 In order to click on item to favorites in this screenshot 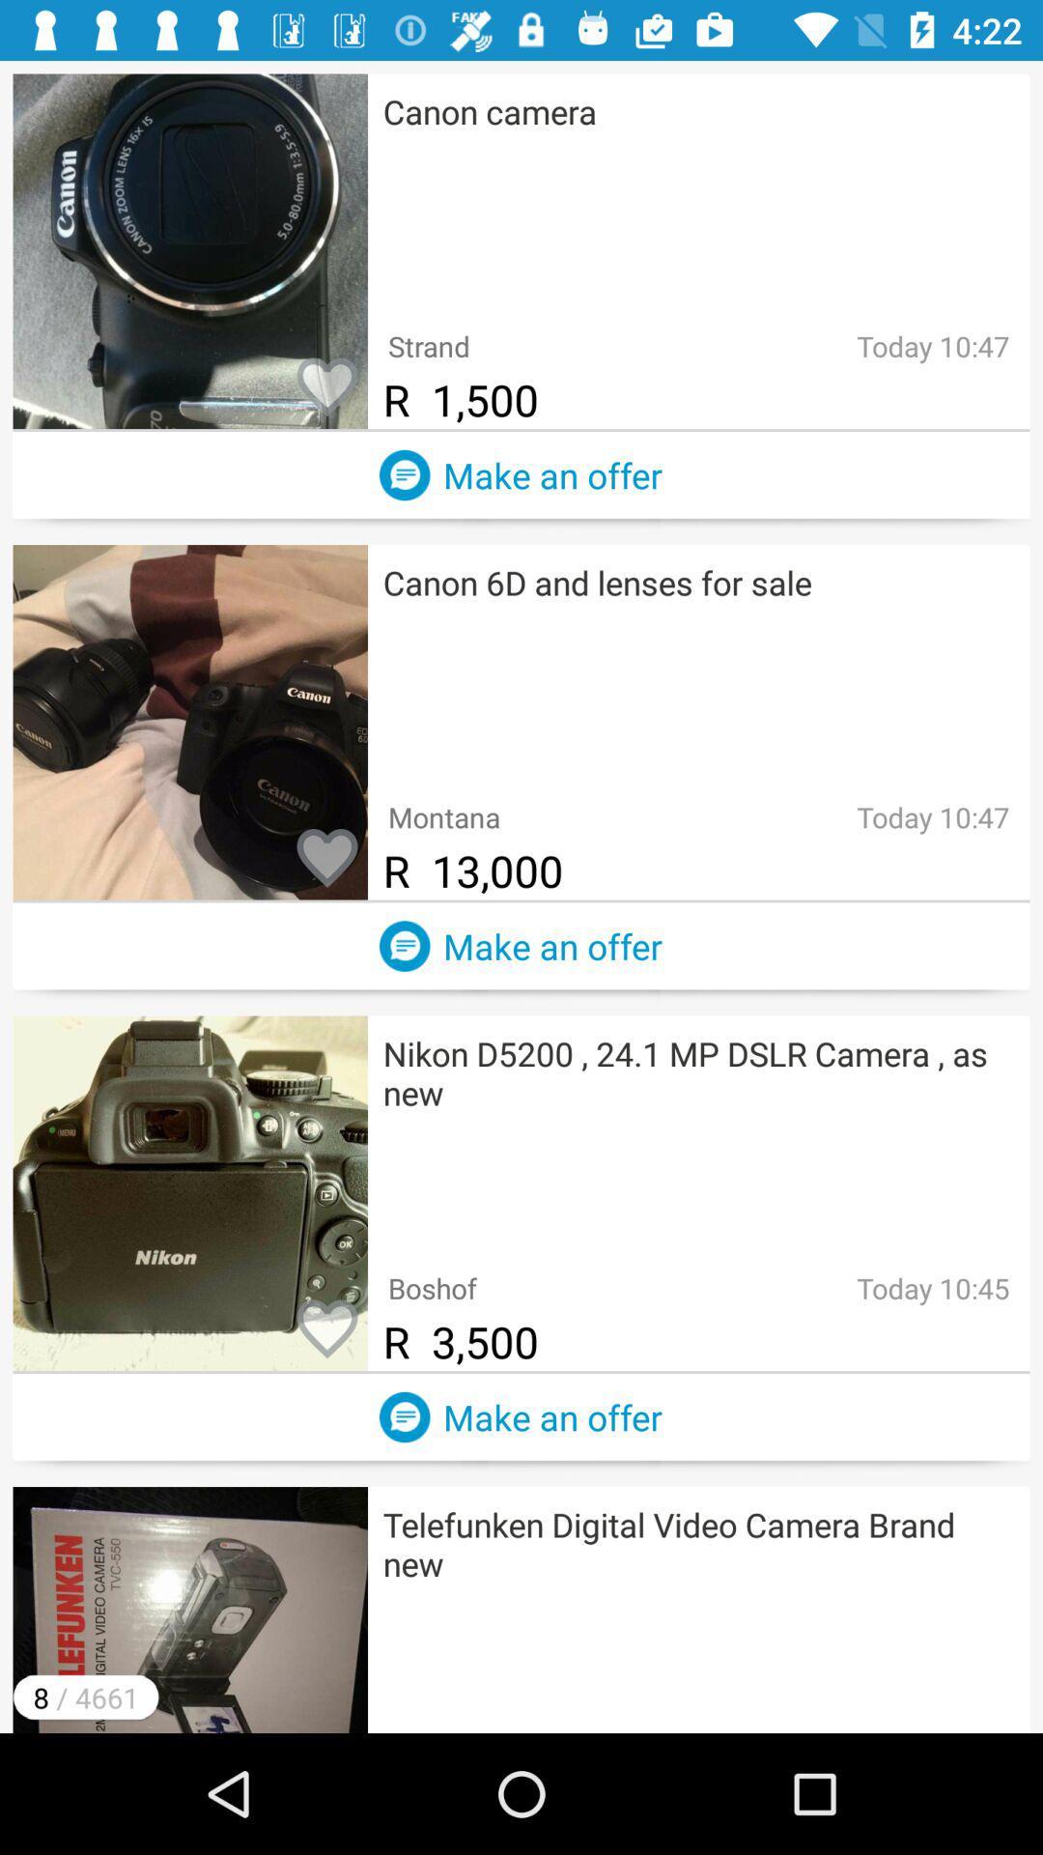, I will do `click(326, 1329)`.